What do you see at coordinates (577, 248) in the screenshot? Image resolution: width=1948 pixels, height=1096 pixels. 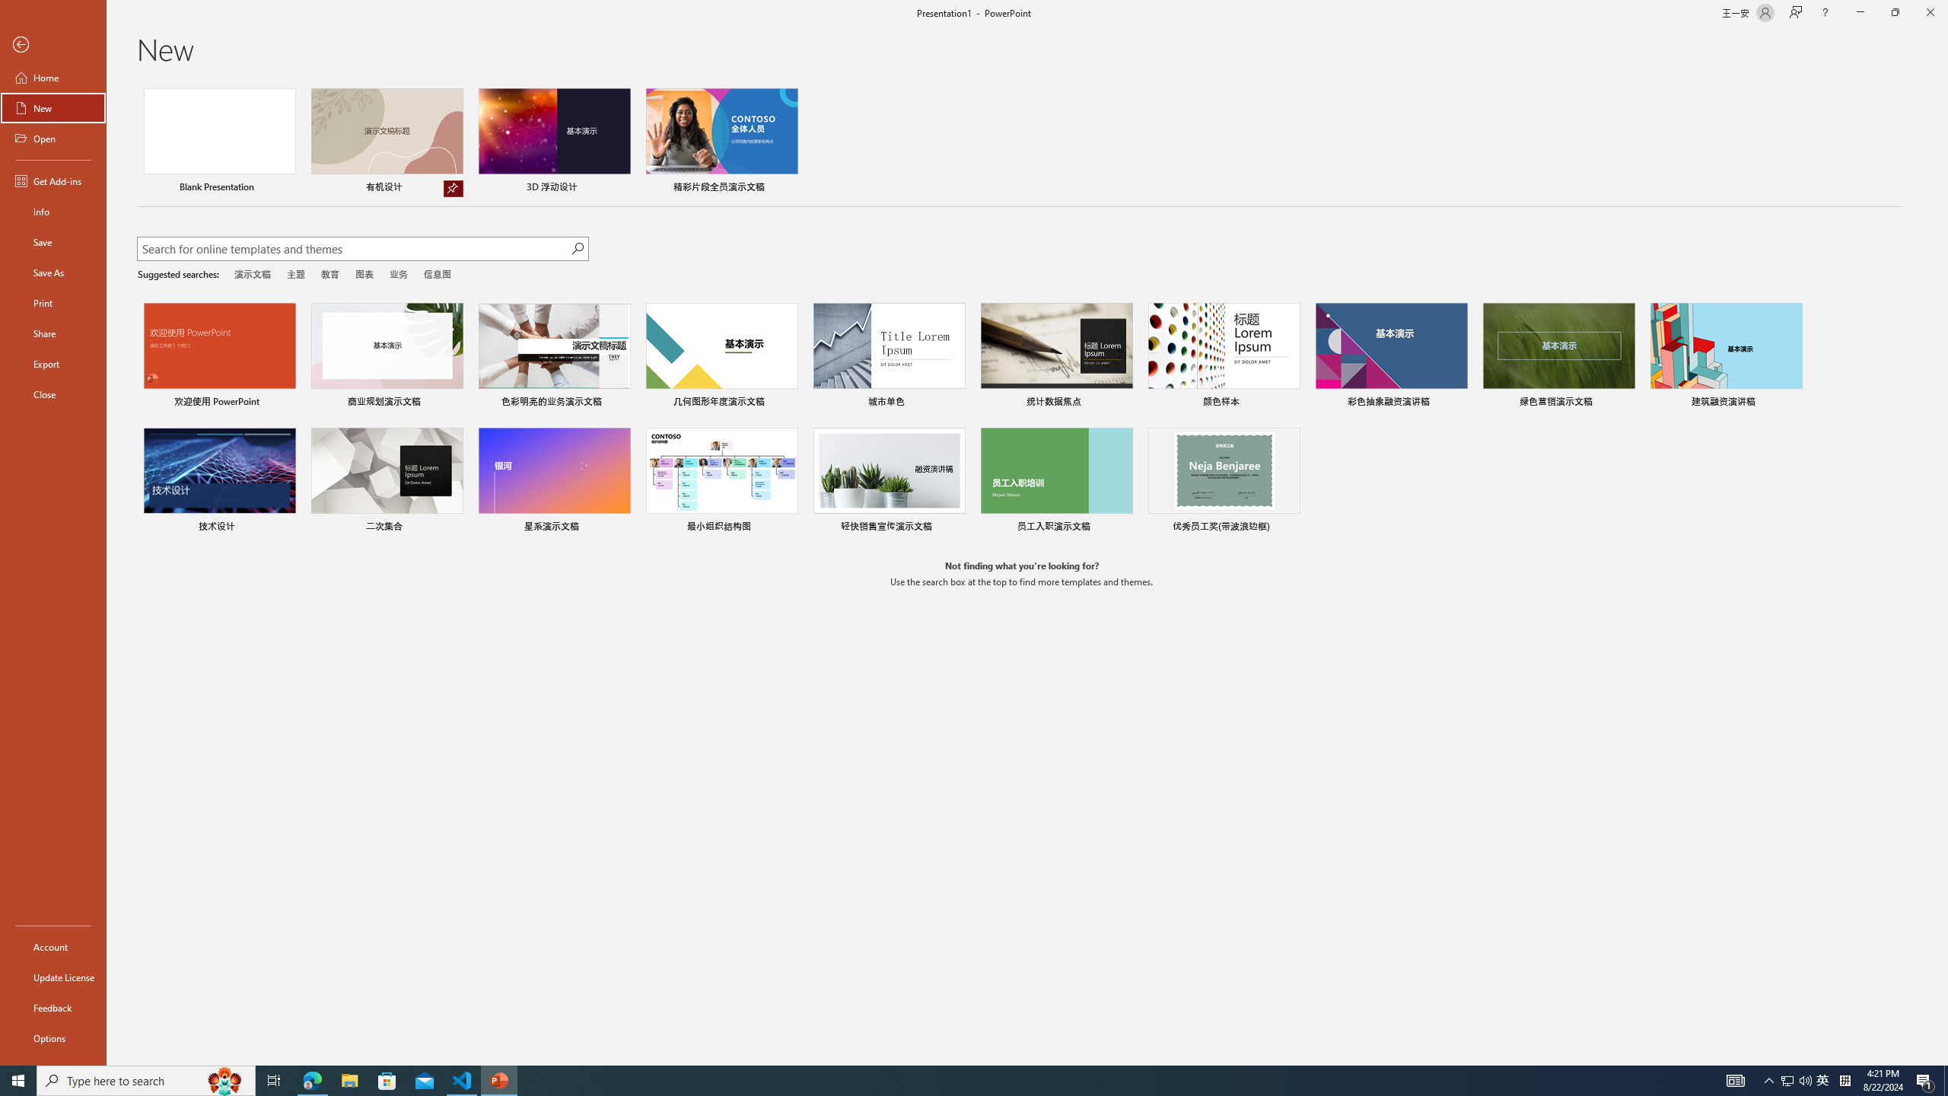 I see `'Start searching'` at bounding box center [577, 248].